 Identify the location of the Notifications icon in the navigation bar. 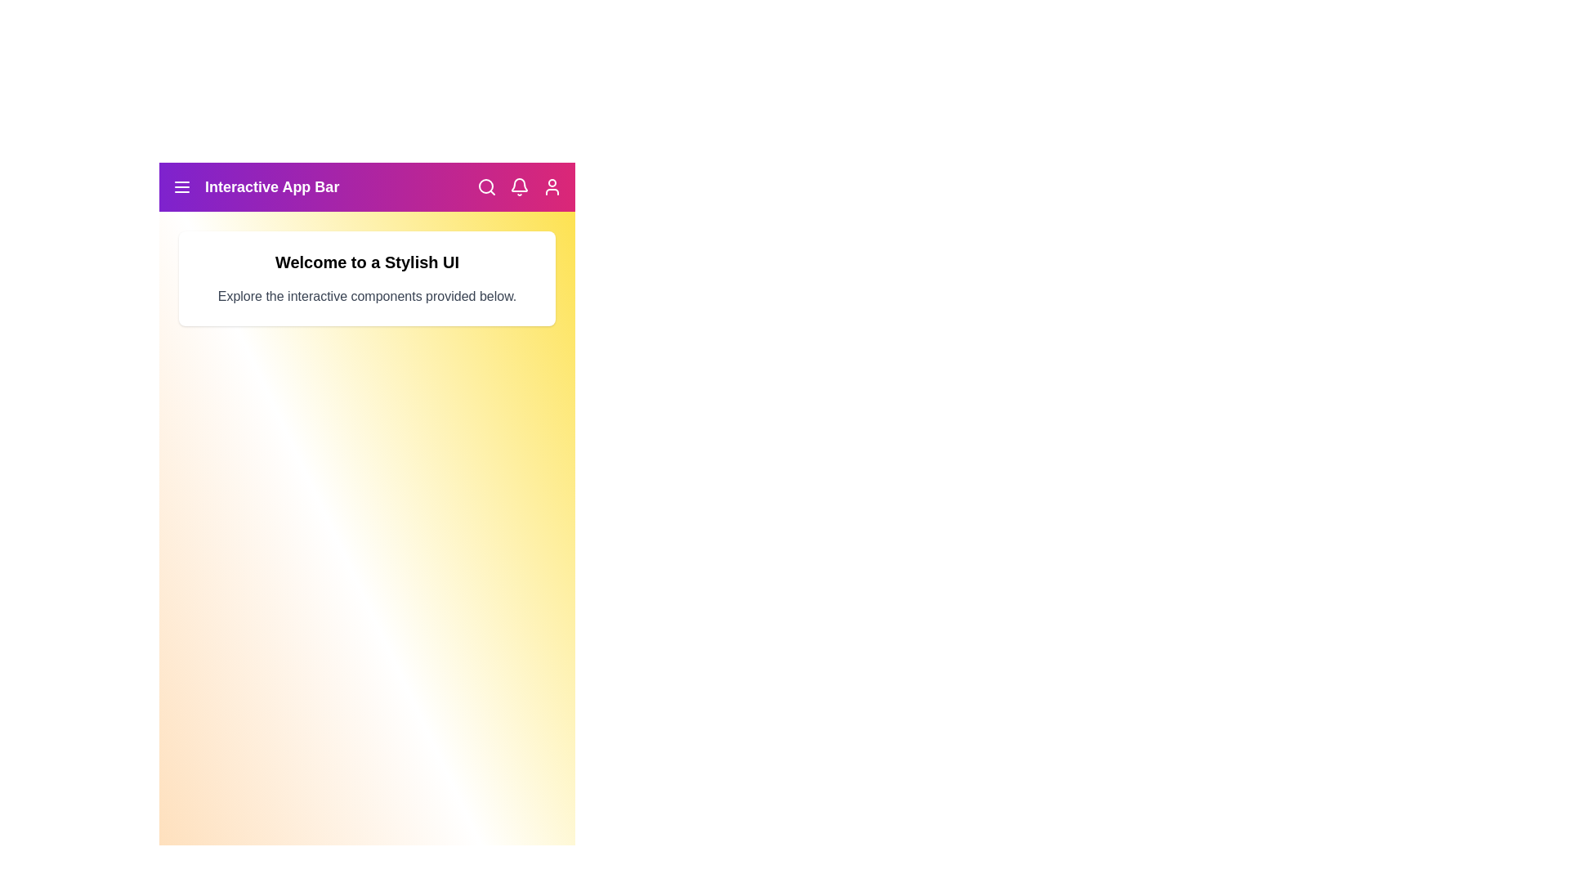
(518, 186).